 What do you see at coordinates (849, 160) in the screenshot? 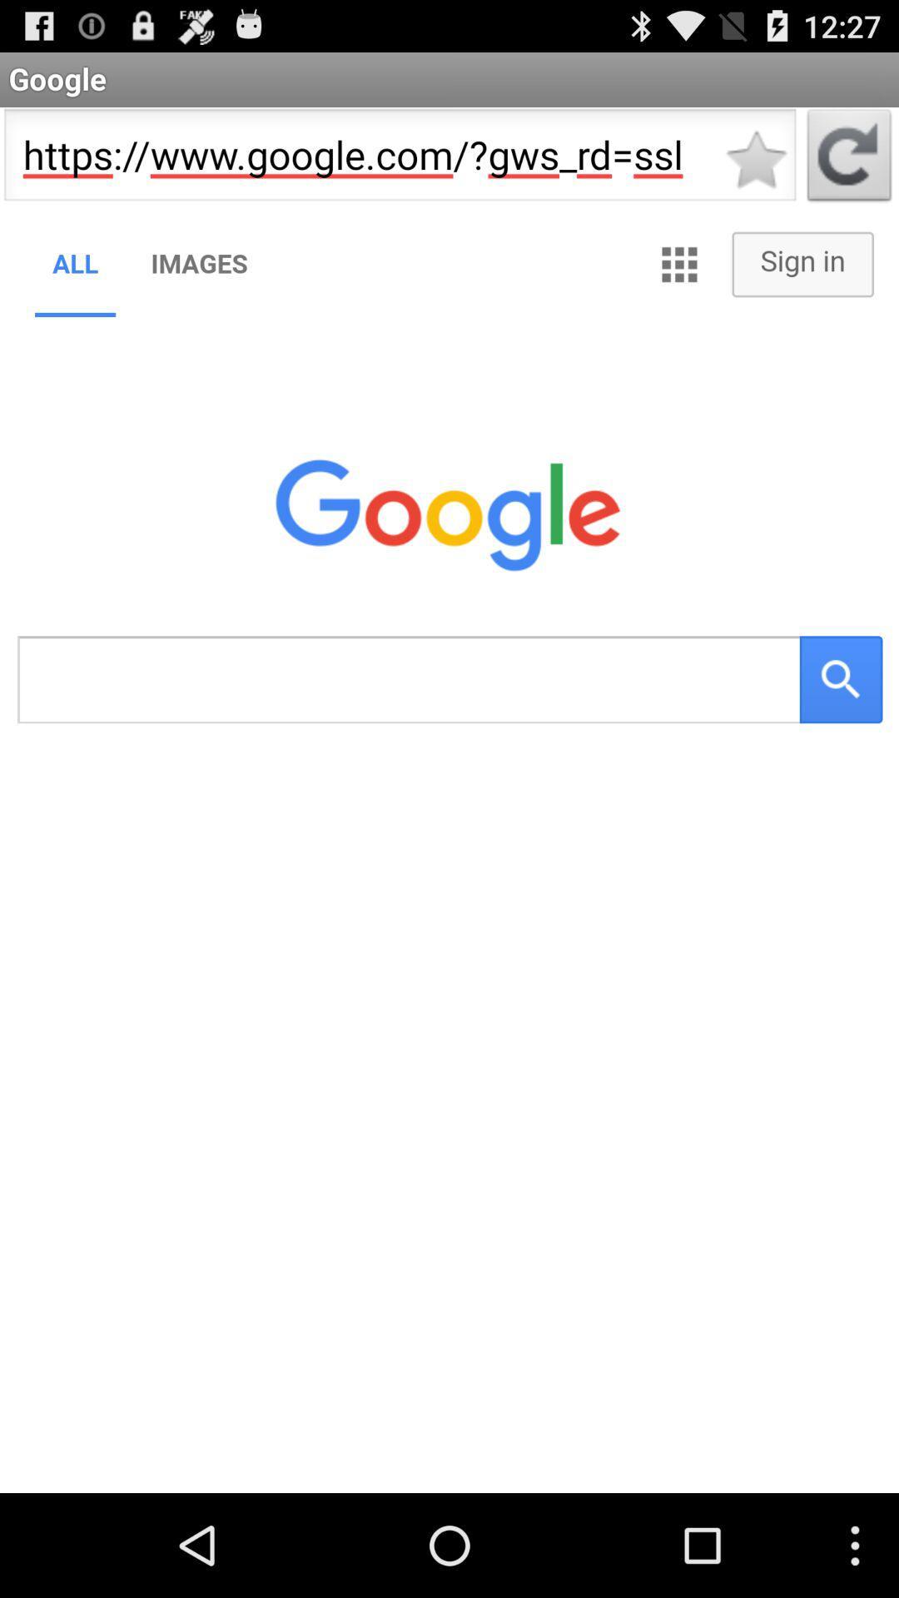
I see `refresh option` at bounding box center [849, 160].